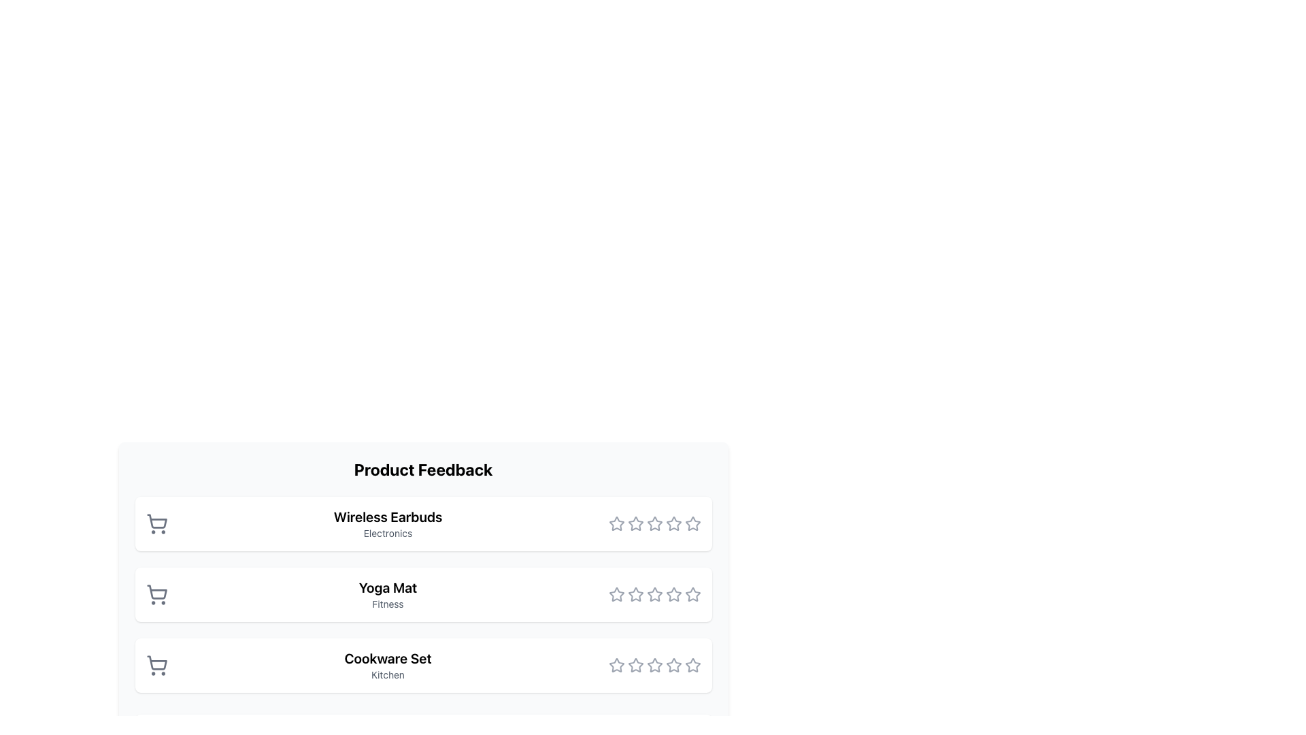 The height and width of the screenshot is (735, 1306). What do you see at coordinates (692, 664) in the screenshot?
I see `the fifth star icon in the rating component for the 'Cookware Set'` at bounding box center [692, 664].